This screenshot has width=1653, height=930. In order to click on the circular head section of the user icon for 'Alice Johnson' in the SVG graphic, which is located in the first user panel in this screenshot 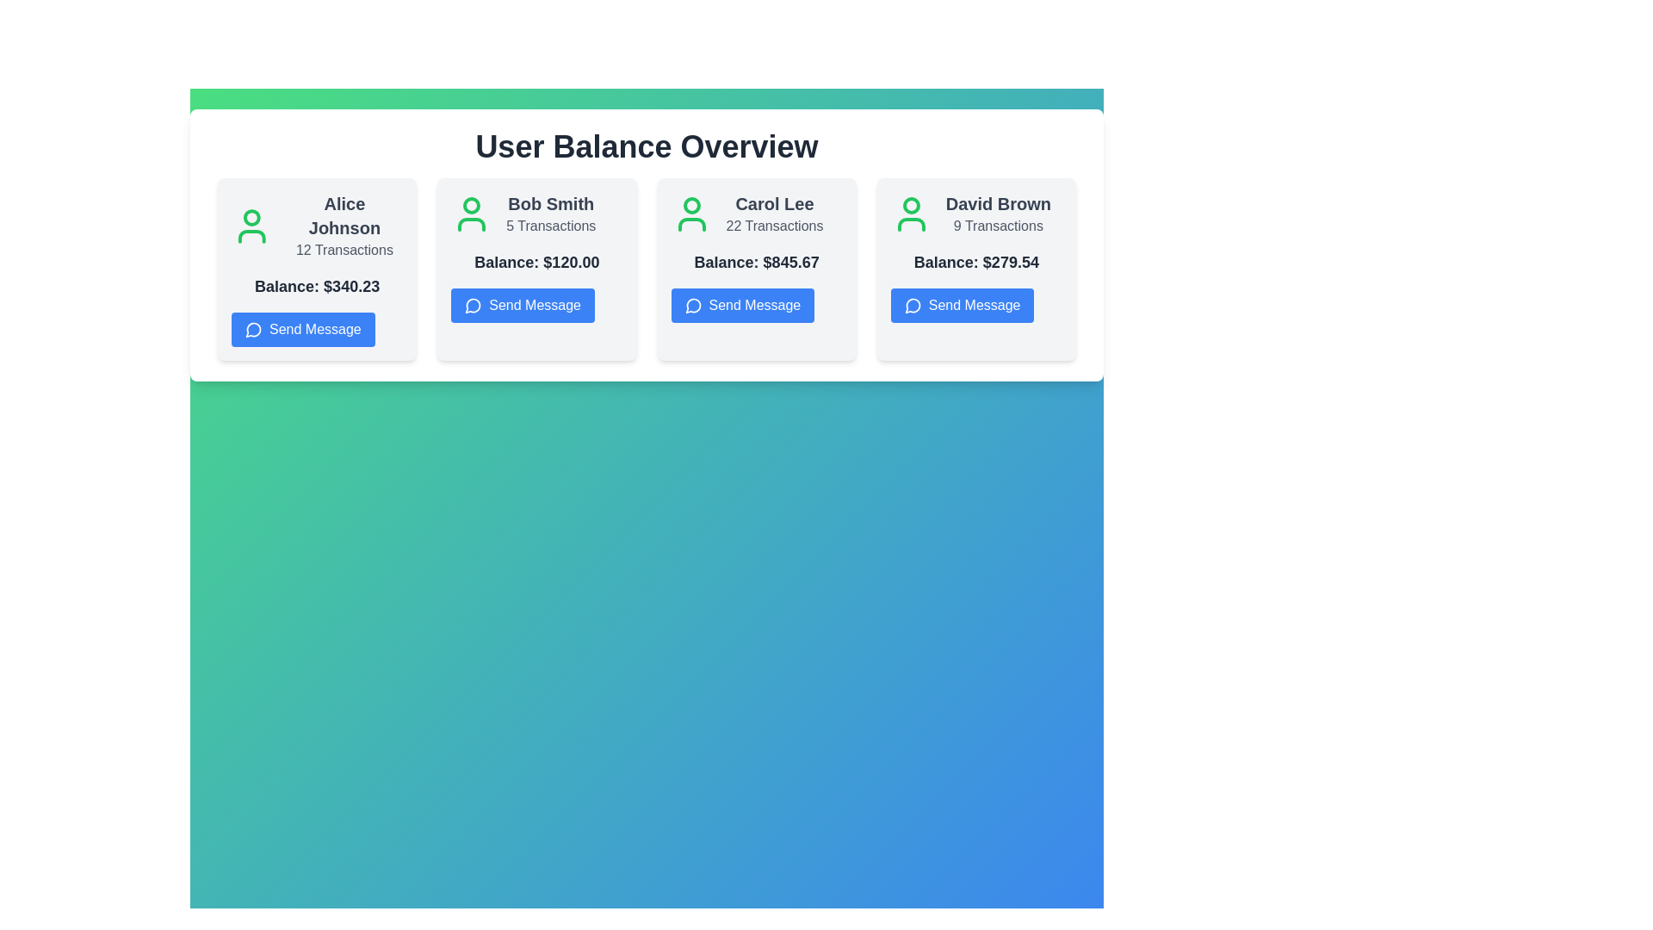, I will do `click(251, 217)`.